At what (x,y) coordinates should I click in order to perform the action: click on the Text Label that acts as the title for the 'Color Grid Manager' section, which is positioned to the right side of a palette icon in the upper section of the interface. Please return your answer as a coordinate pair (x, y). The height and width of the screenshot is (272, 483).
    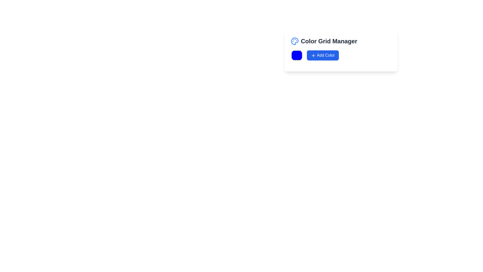
    Looking at the image, I should click on (329, 41).